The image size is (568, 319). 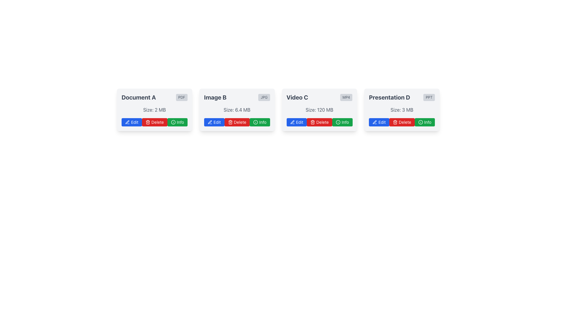 What do you see at coordinates (379, 122) in the screenshot?
I see `the blue 'Edit' button with rounded corners, which is the first button in the horizontal layout within the 'Presentation D' card` at bounding box center [379, 122].